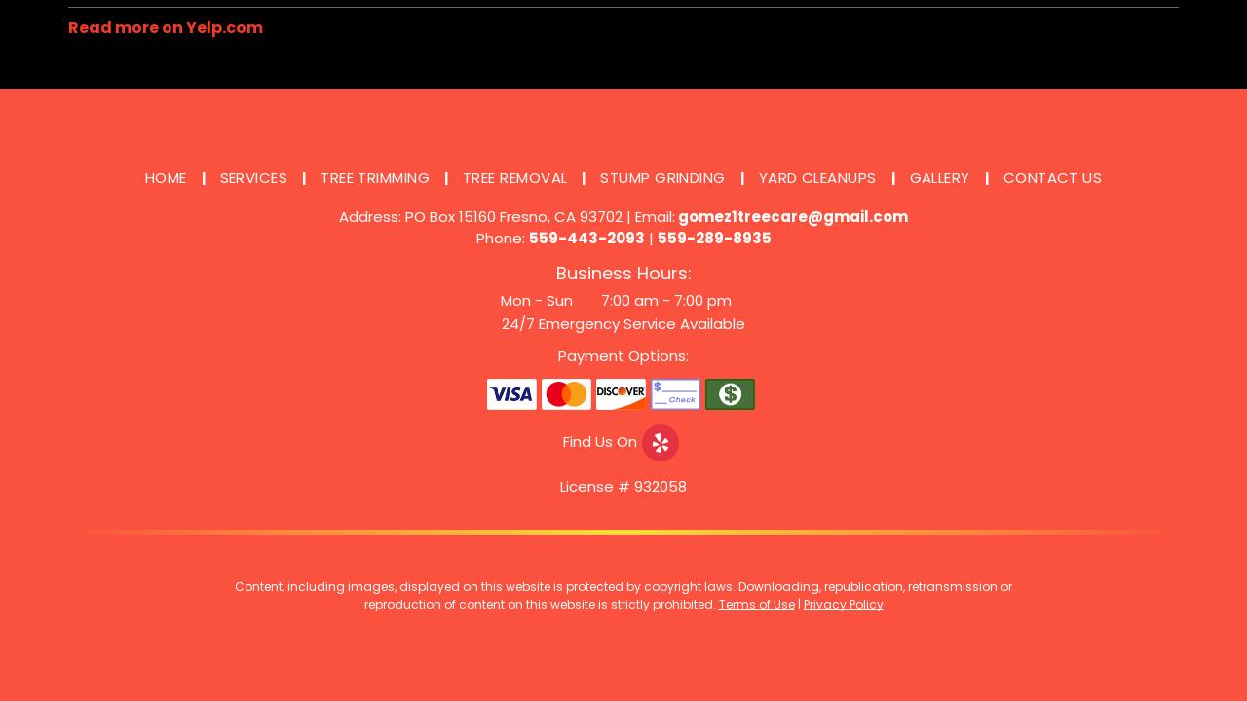  Describe the element at coordinates (622, 272) in the screenshot. I see `'Business Hours:'` at that location.